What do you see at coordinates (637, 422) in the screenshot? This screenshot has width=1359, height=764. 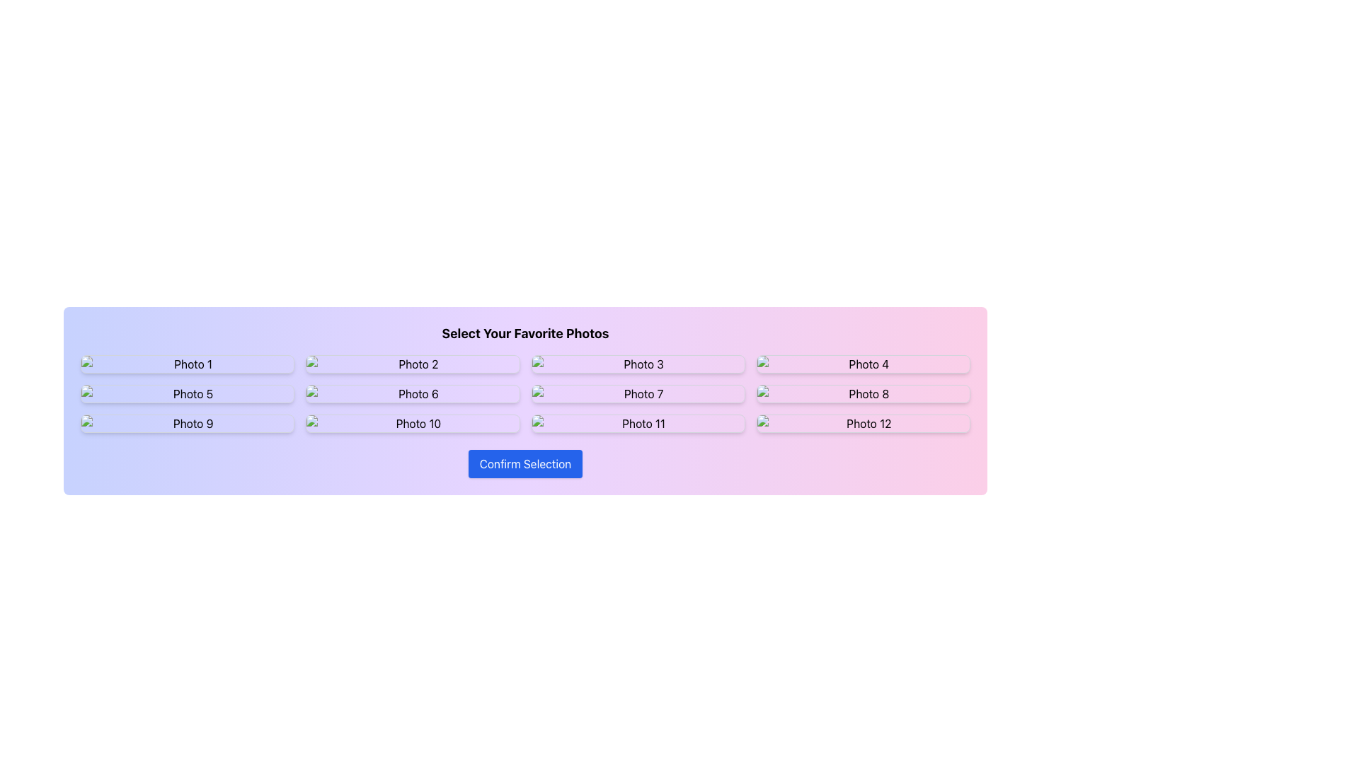 I see `the thumbnail image representing 'Photo 11' in the third column and fourth row of the photo selection grid` at bounding box center [637, 422].